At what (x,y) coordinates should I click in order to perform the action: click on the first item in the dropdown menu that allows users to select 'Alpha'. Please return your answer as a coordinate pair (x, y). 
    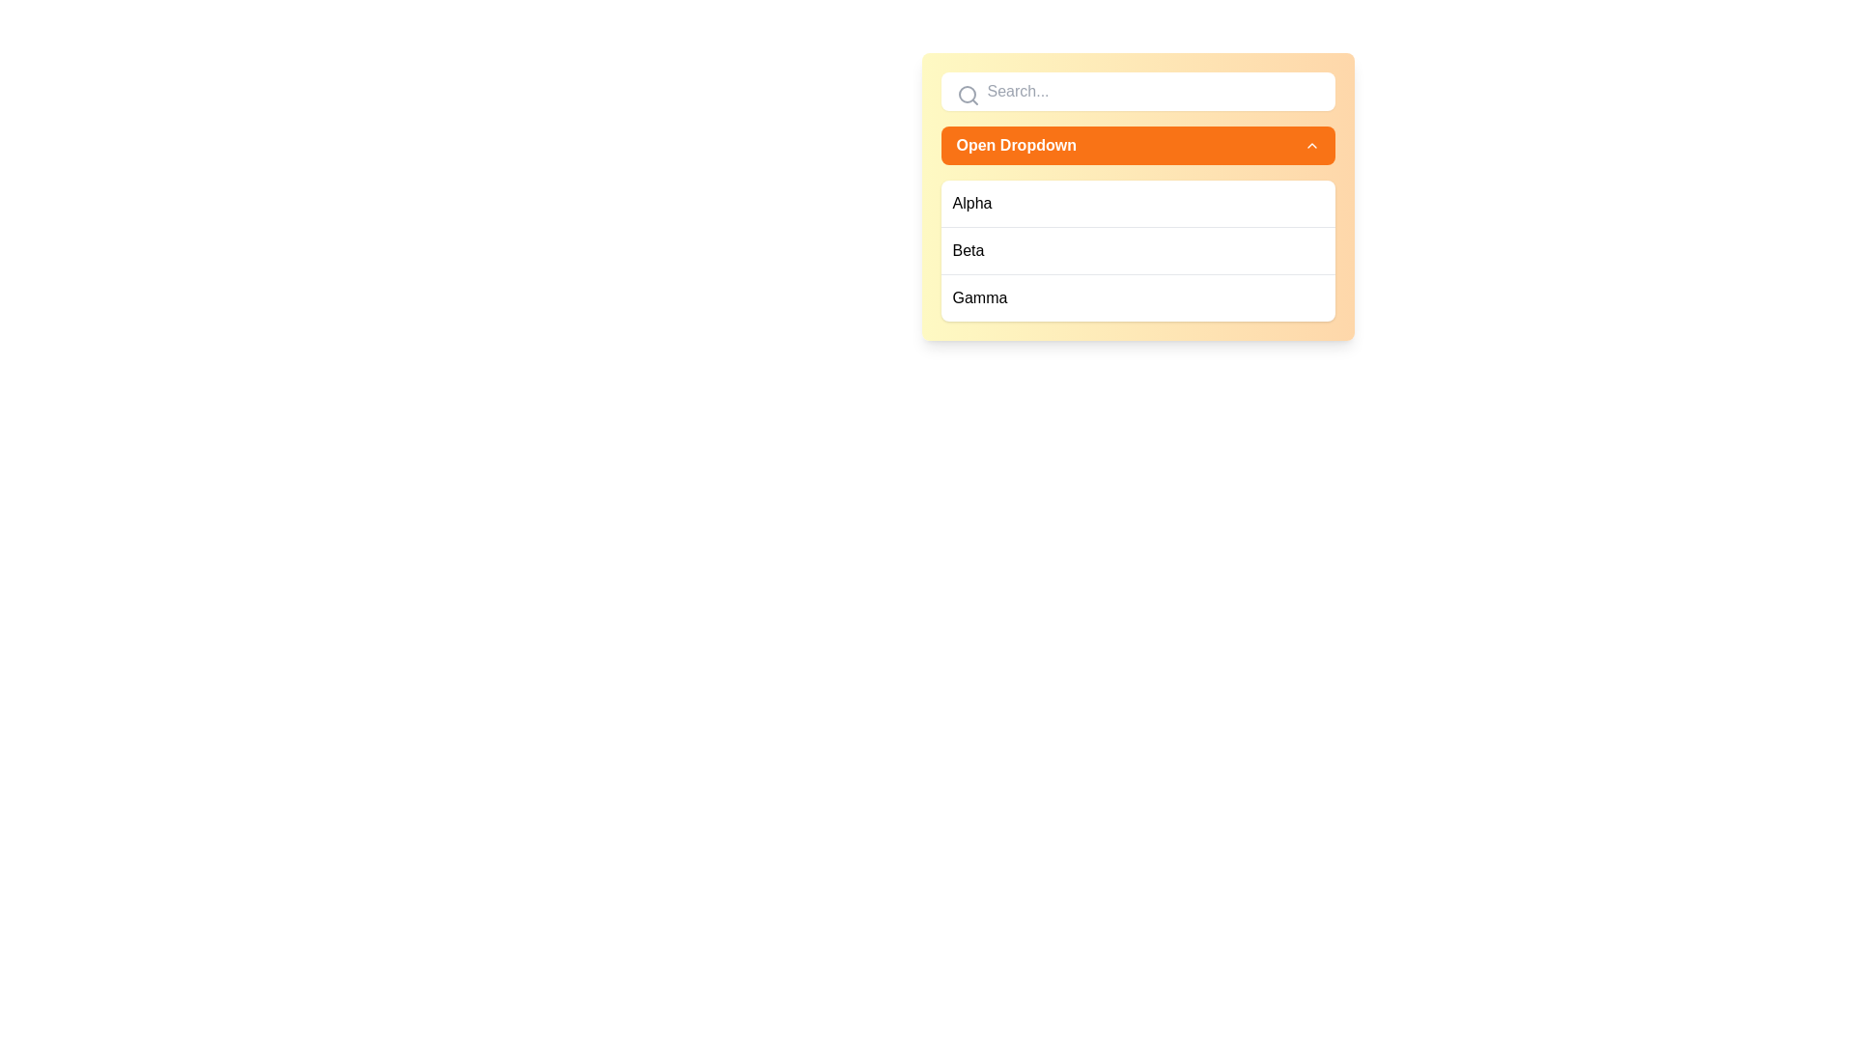
    Looking at the image, I should click on (1138, 197).